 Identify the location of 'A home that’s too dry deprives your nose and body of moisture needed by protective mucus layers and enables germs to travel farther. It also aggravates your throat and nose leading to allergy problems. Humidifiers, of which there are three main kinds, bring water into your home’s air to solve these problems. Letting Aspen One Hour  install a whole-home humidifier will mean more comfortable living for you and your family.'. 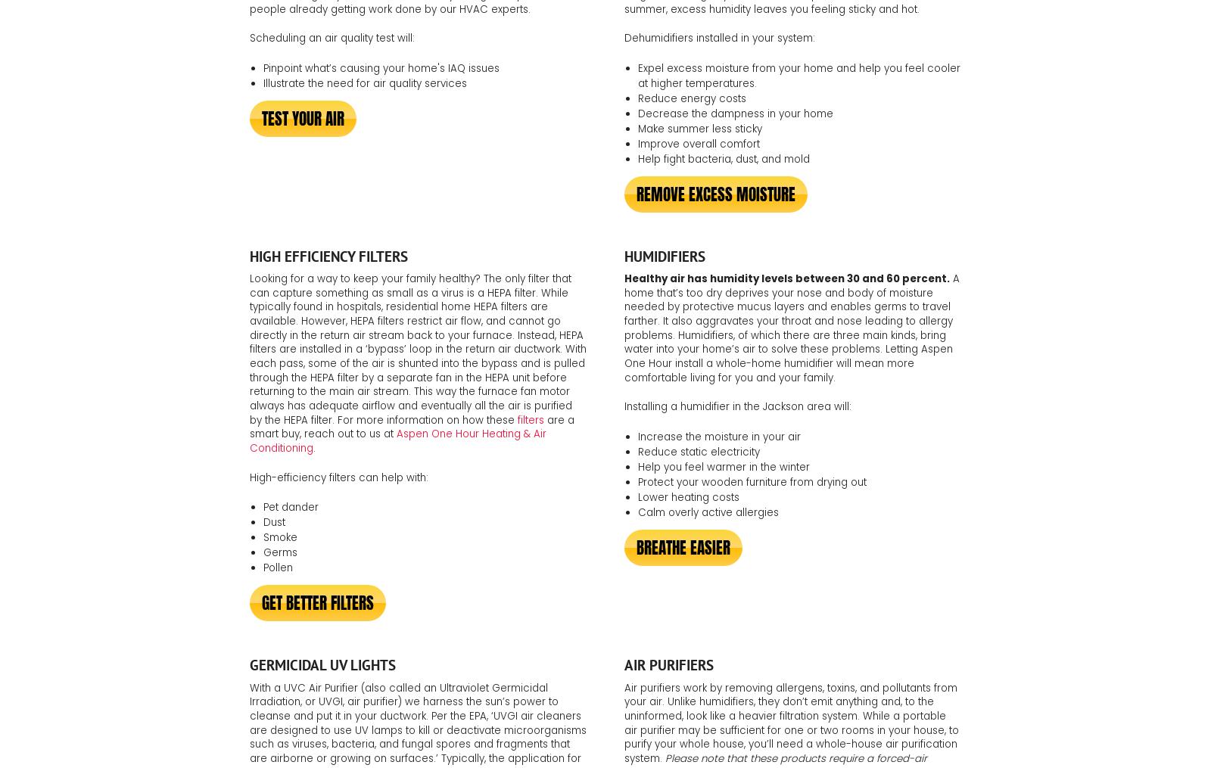
(792, 328).